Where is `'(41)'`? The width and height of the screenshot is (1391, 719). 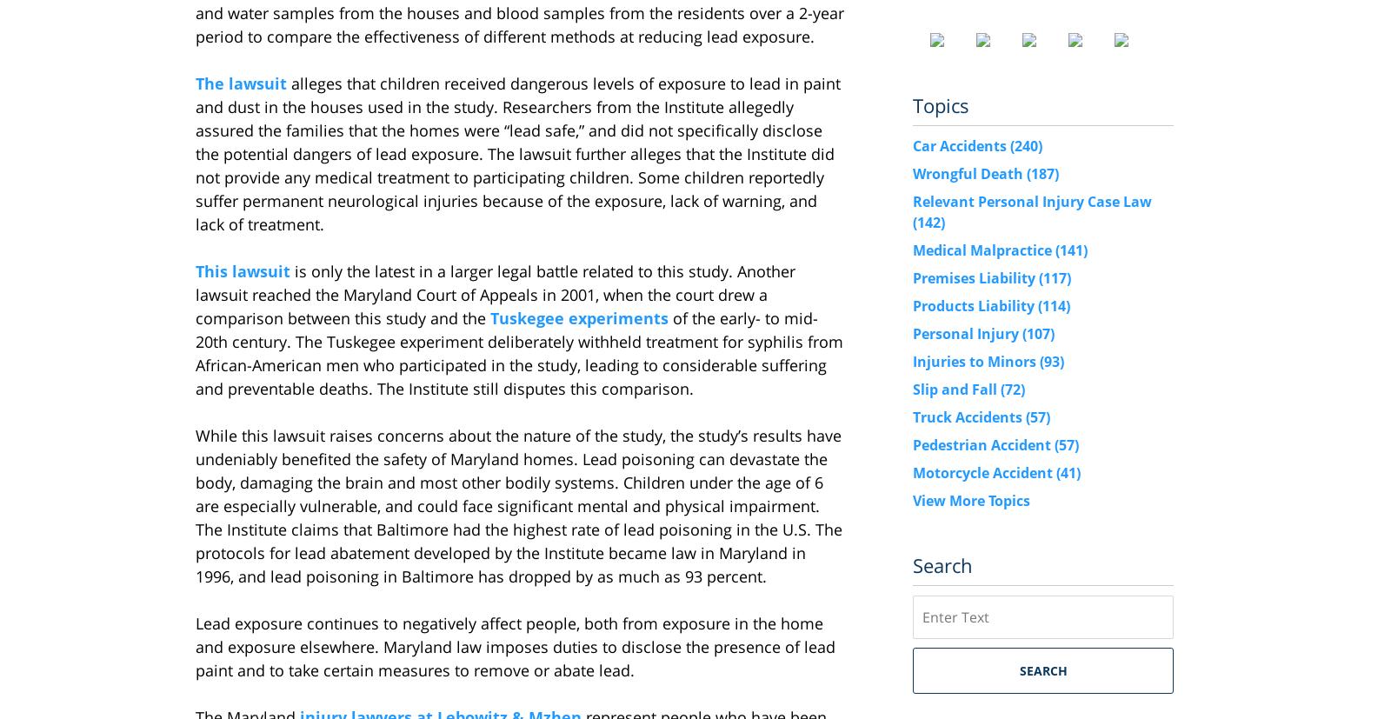 '(41)' is located at coordinates (1055, 471).